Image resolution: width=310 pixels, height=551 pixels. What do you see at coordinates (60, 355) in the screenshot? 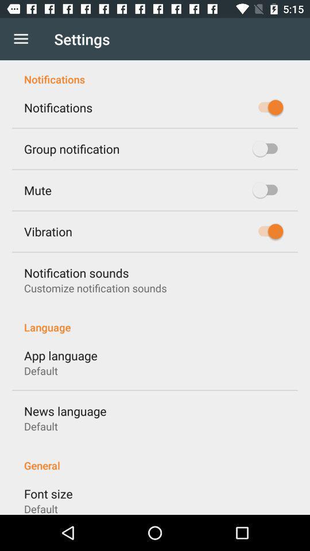
I see `app language item` at bounding box center [60, 355].